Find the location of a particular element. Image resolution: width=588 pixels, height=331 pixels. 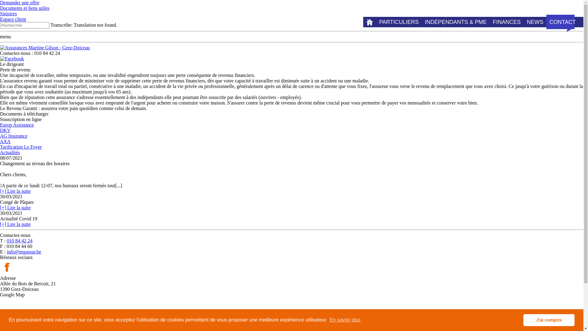

'AXA' is located at coordinates (5, 141).